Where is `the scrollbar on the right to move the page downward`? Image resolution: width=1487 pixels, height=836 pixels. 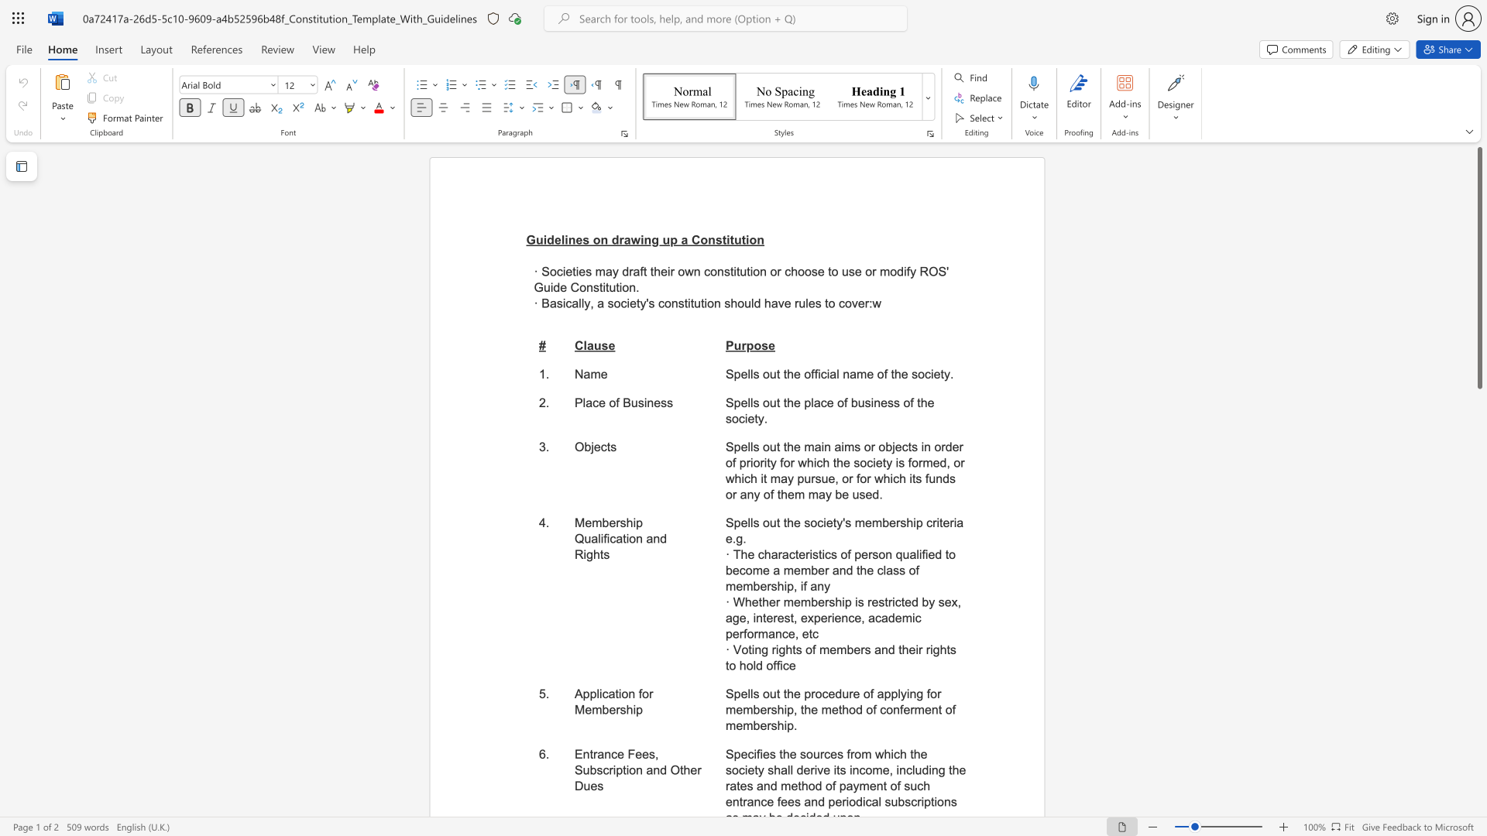 the scrollbar on the right to move the page downward is located at coordinates (1478, 749).